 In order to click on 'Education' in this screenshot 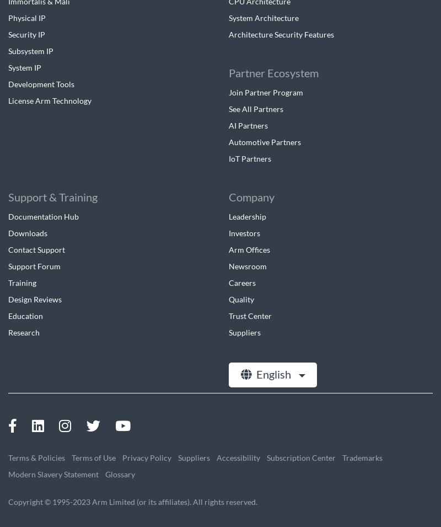, I will do `click(25, 315)`.